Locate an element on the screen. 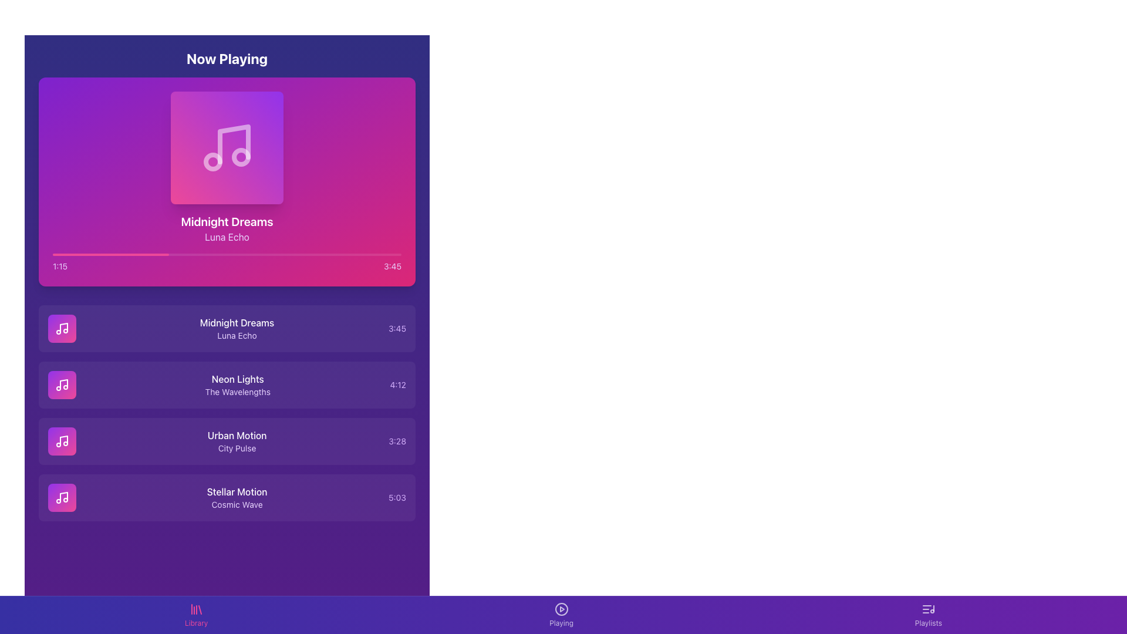 Image resolution: width=1127 pixels, height=634 pixels. the text label that provides information about the media item, located in the second entry of a list, for more details is located at coordinates (236, 328).